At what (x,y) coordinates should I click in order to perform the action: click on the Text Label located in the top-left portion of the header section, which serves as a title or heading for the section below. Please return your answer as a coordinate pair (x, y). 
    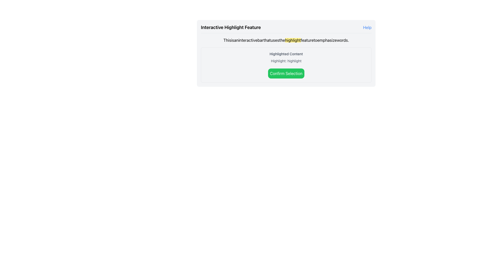
    Looking at the image, I should click on (230, 27).